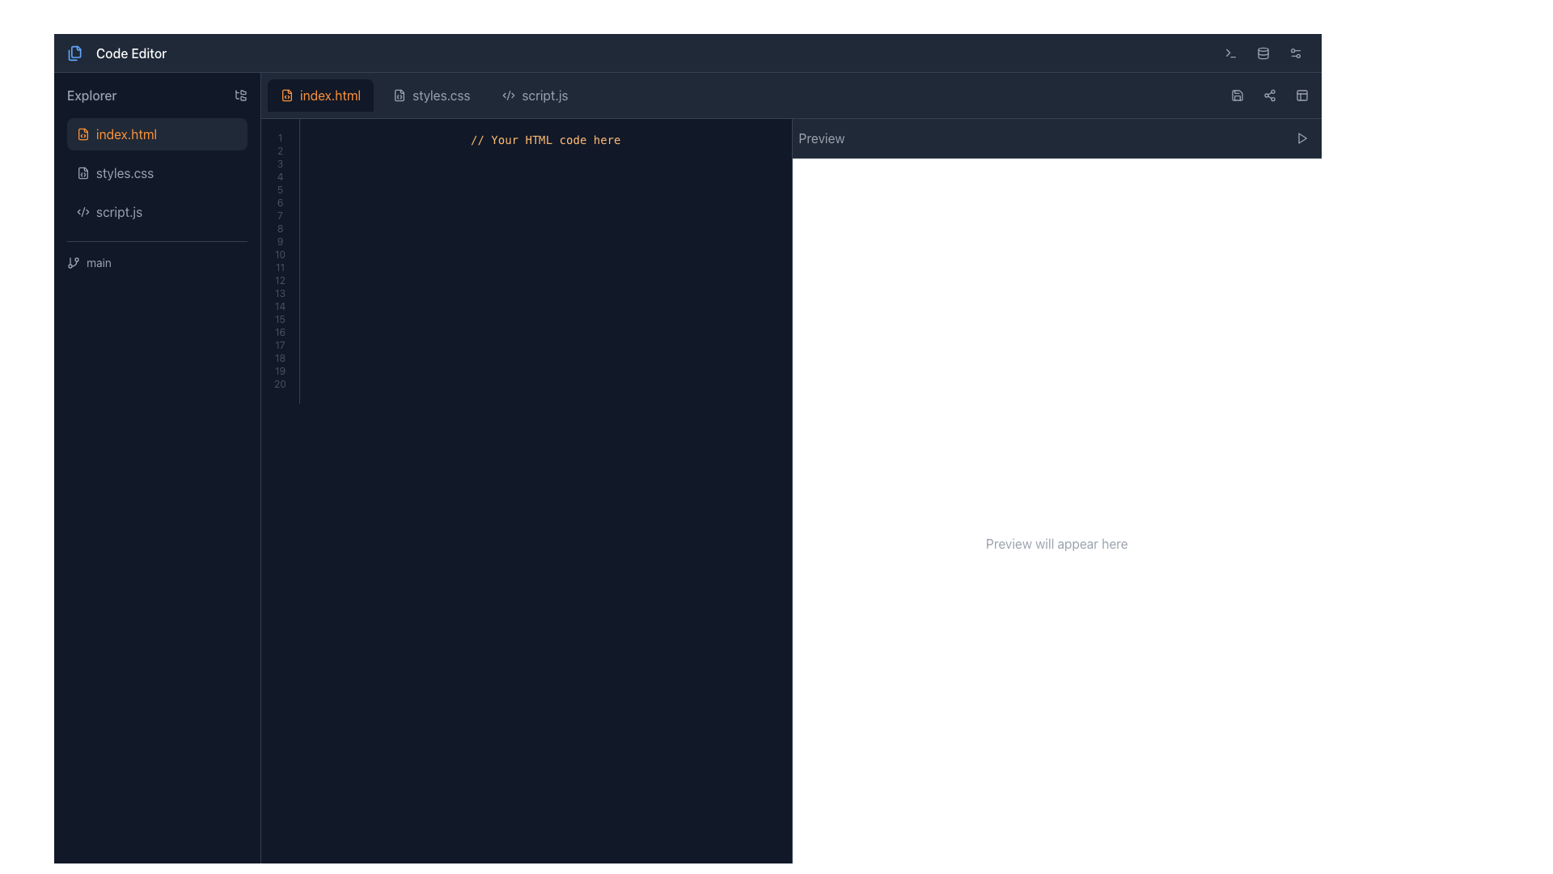 Image resolution: width=1553 pixels, height=874 pixels. What do you see at coordinates (1268, 95) in the screenshot?
I see `the small circular icon button with three connected dots, which is located in the top-right toolbar, adjacent to the save icon and another distinct icon` at bounding box center [1268, 95].